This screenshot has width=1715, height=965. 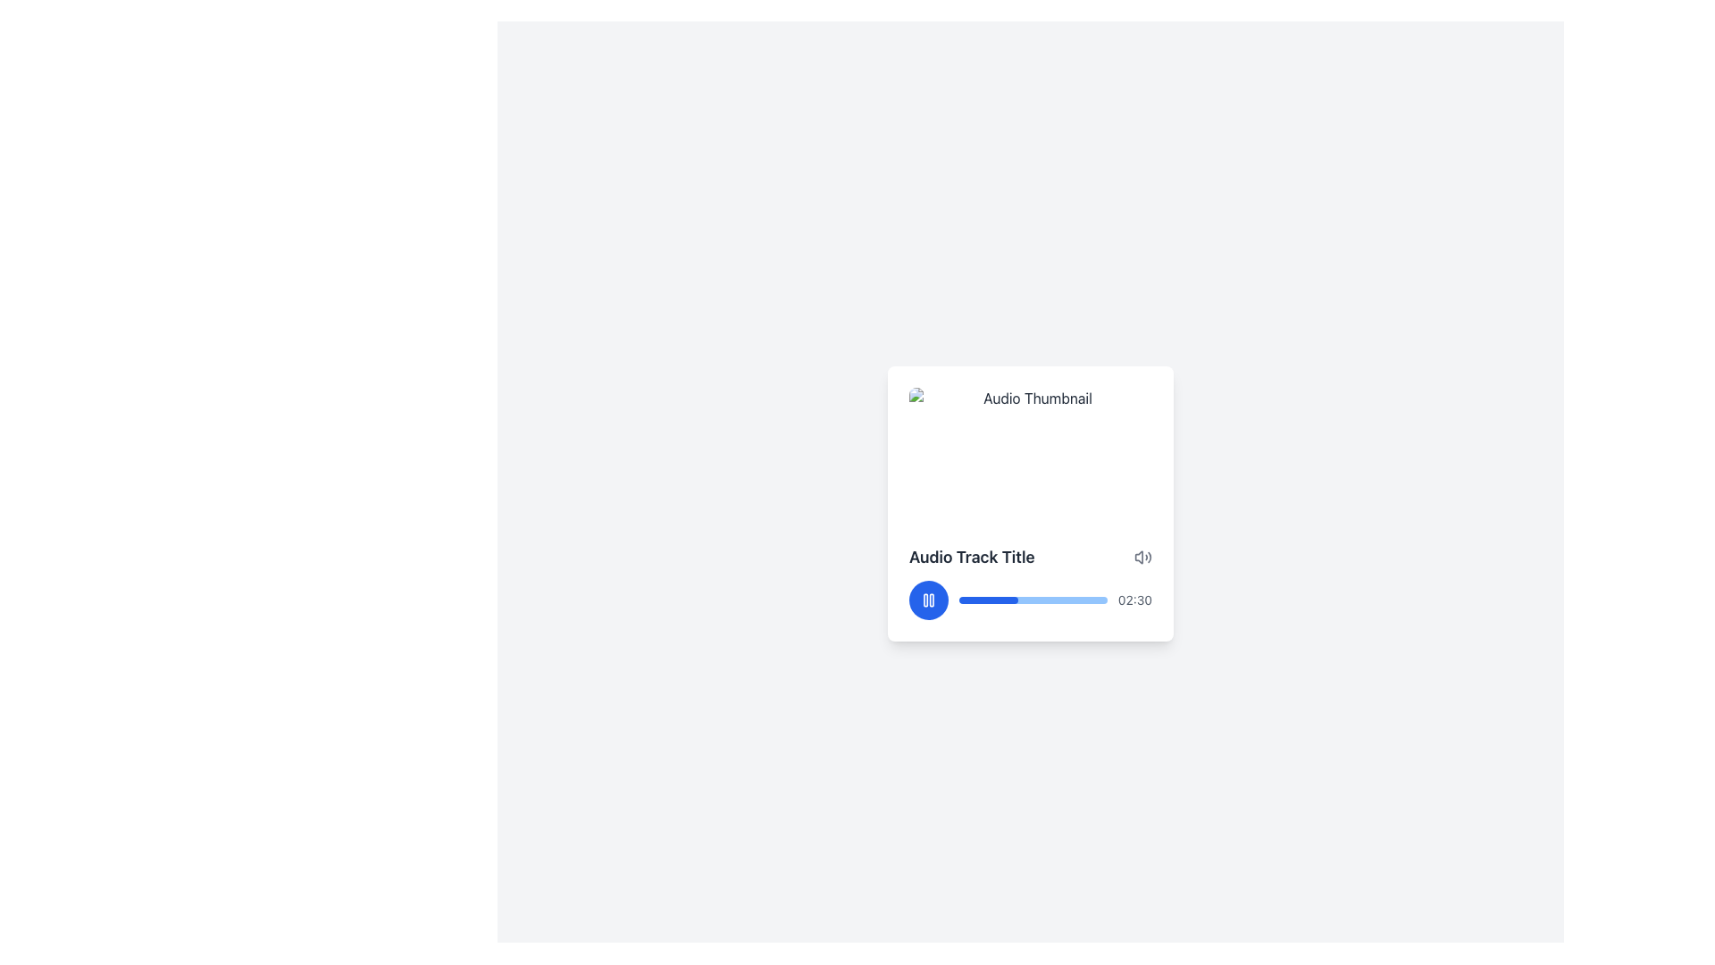 I want to click on the horizontal progress bar located below the audio track title in the audio player interface, which is partially filled to indicate 40% progress, so click(x=1033, y=600).